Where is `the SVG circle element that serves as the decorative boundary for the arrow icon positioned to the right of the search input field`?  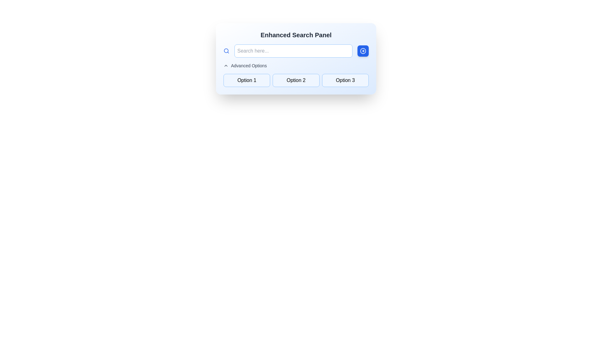
the SVG circle element that serves as the decorative boundary for the arrow icon positioned to the right of the search input field is located at coordinates (363, 50).